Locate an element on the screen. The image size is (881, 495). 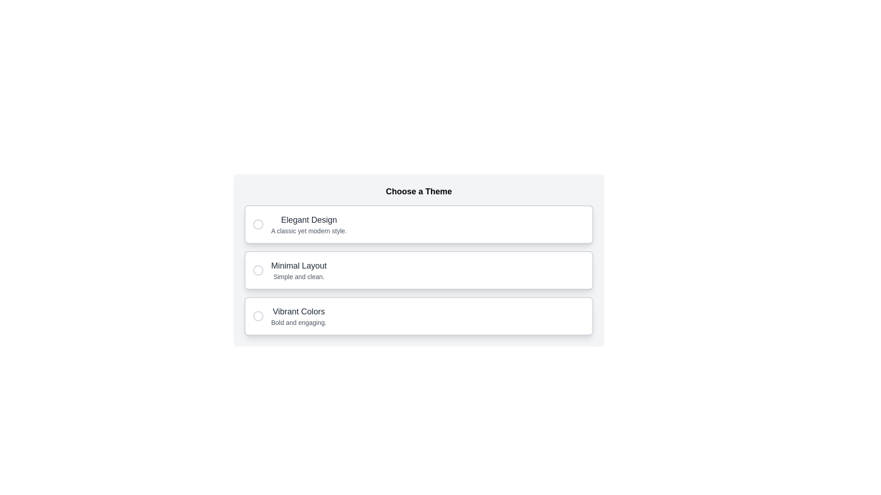
the radio button of the first selection option labeled 'Elegant Design' is located at coordinates (418, 224).